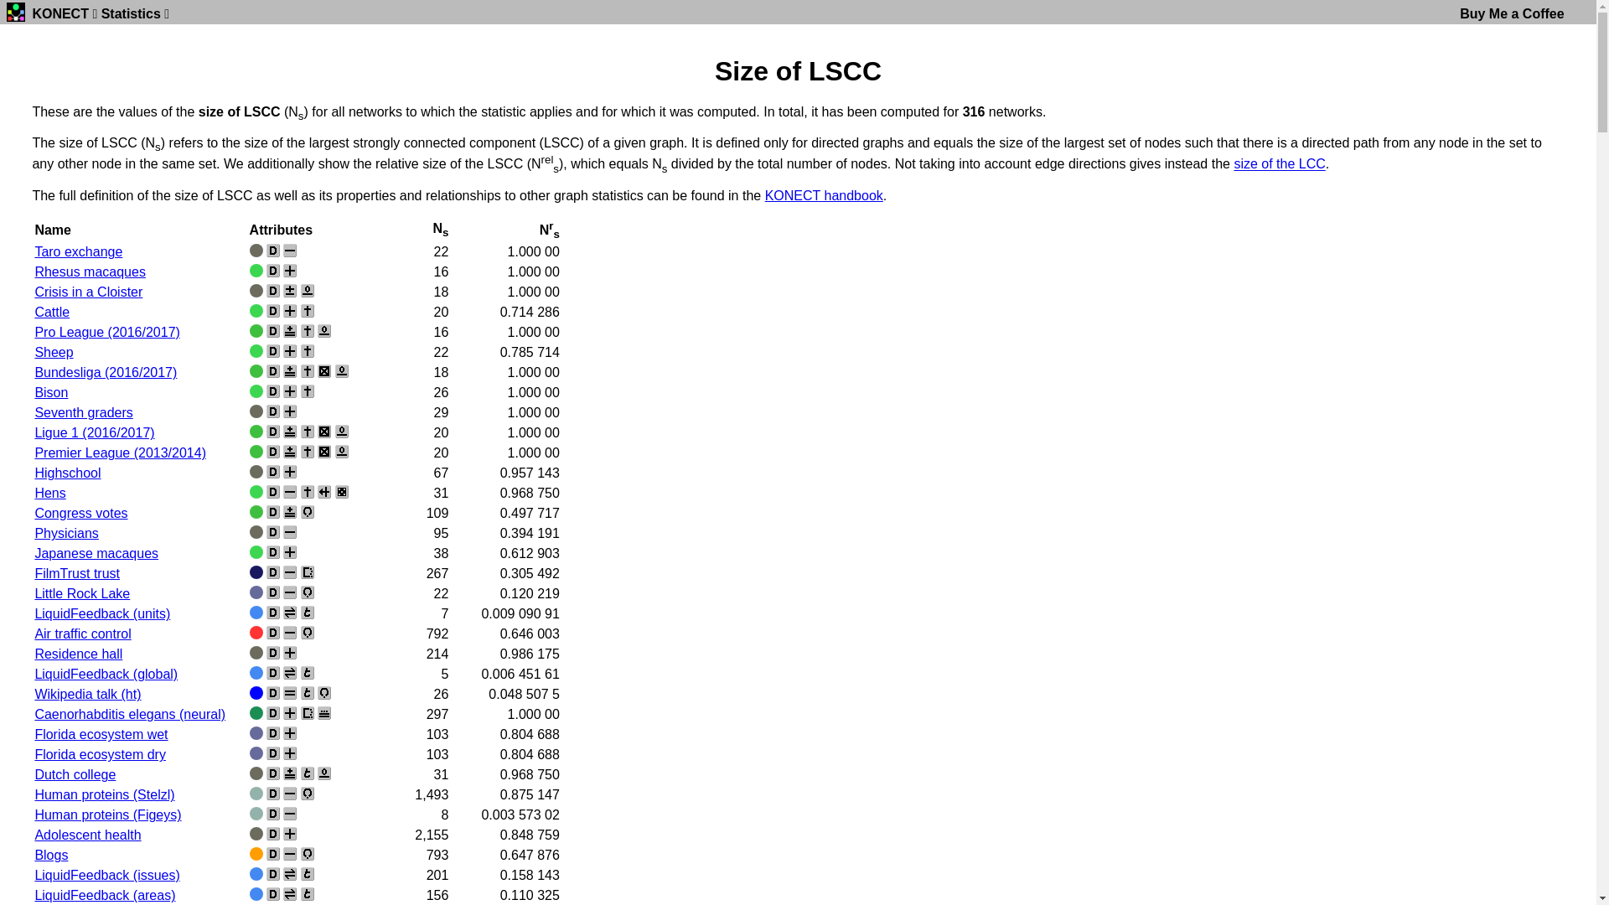 The height and width of the screenshot is (905, 1609). I want to click on 'FilmTrust trust', so click(75, 572).